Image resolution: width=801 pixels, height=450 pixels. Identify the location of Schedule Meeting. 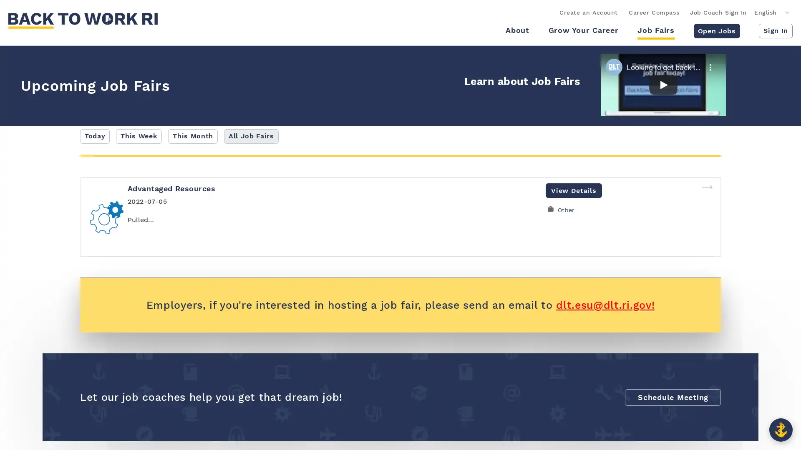
(673, 396).